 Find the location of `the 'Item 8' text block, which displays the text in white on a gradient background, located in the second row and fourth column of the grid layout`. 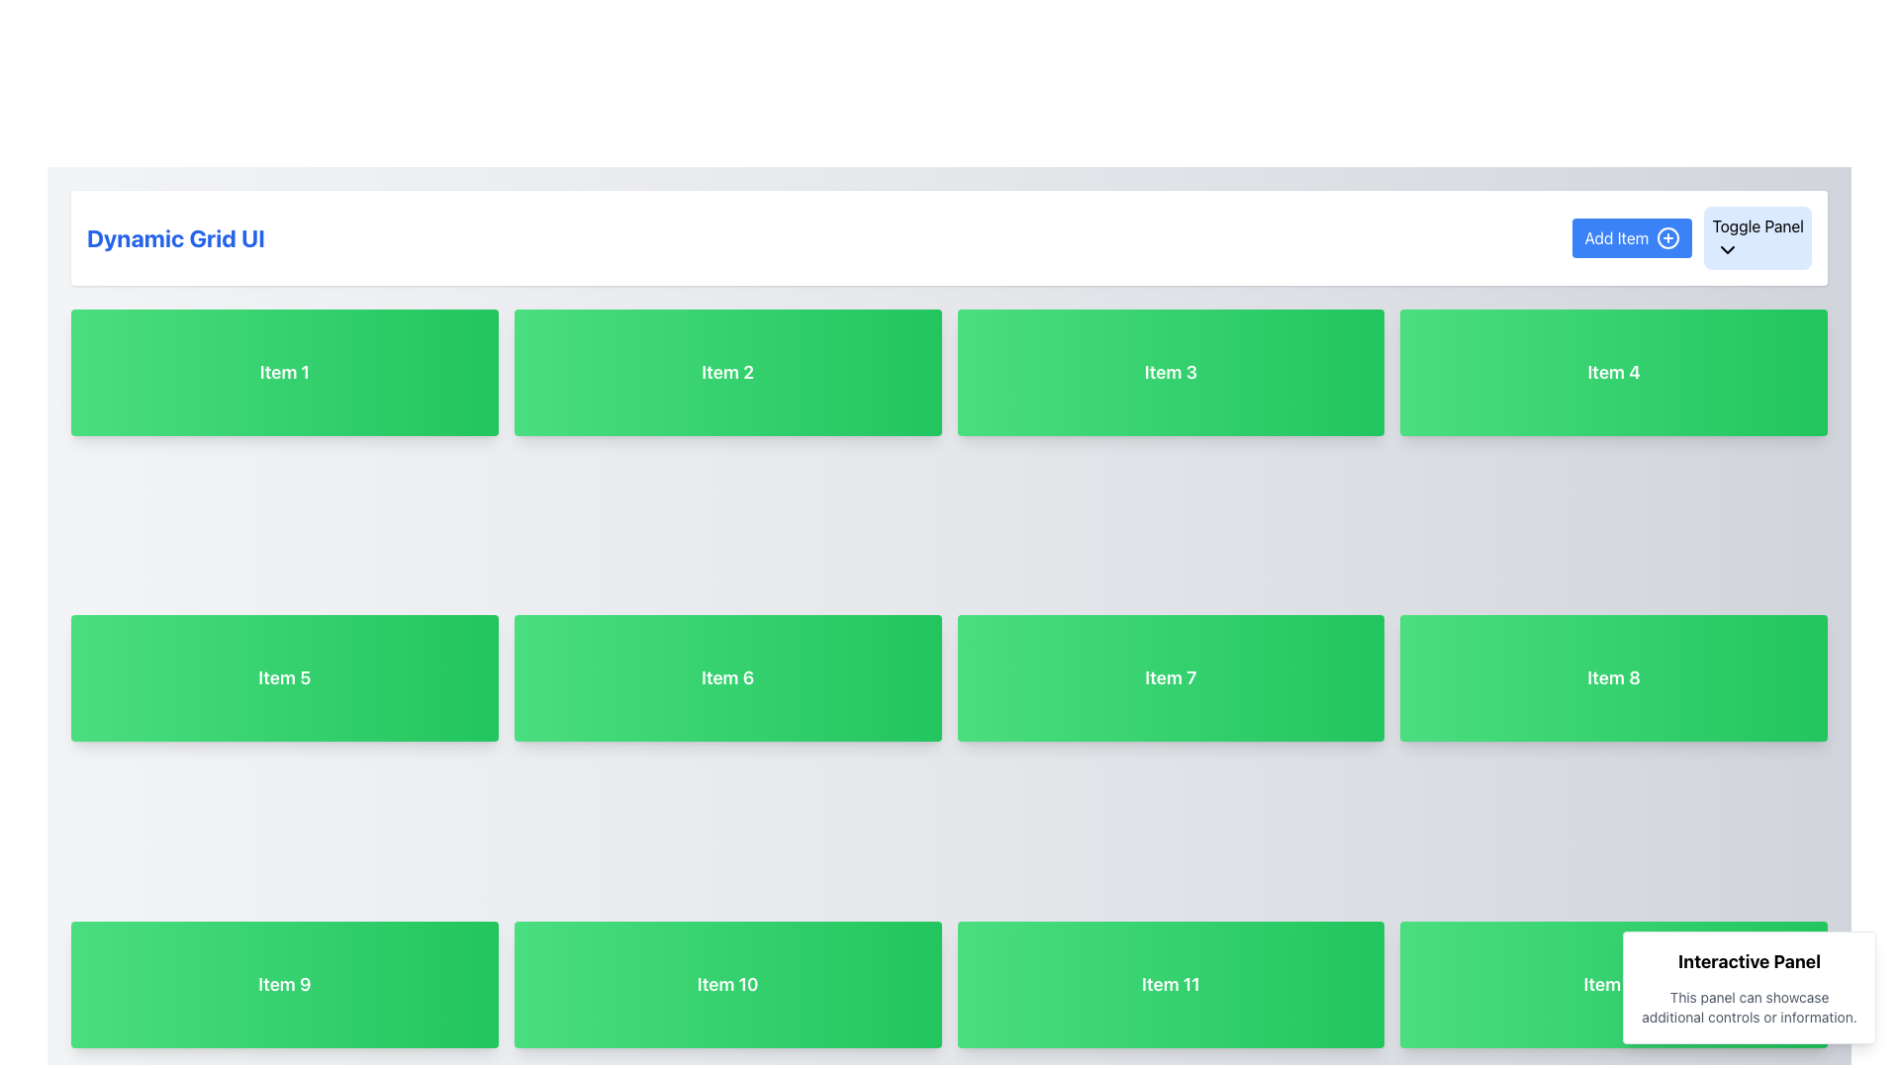

the 'Item 8' text block, which displays the text in white on a gradient background, located in the second row and fourth column of the grid layout is located at coordinates (1614, 677).